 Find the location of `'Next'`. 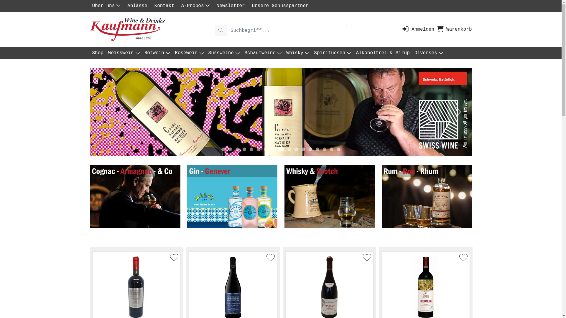

'Next' is located at coordinates (458, 112).